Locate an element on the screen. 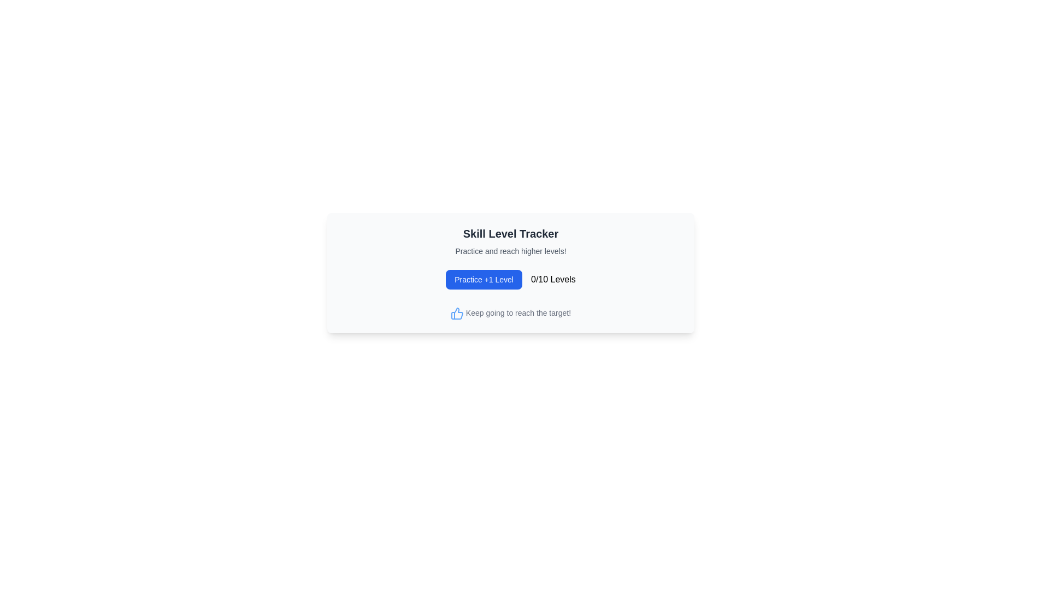 This screenshot has width=1049, height=590. thumbs-up icon with a light blue outline located at the bottom-center of the interface, adjacent to a vertical line is located at coordinates (457, 314).